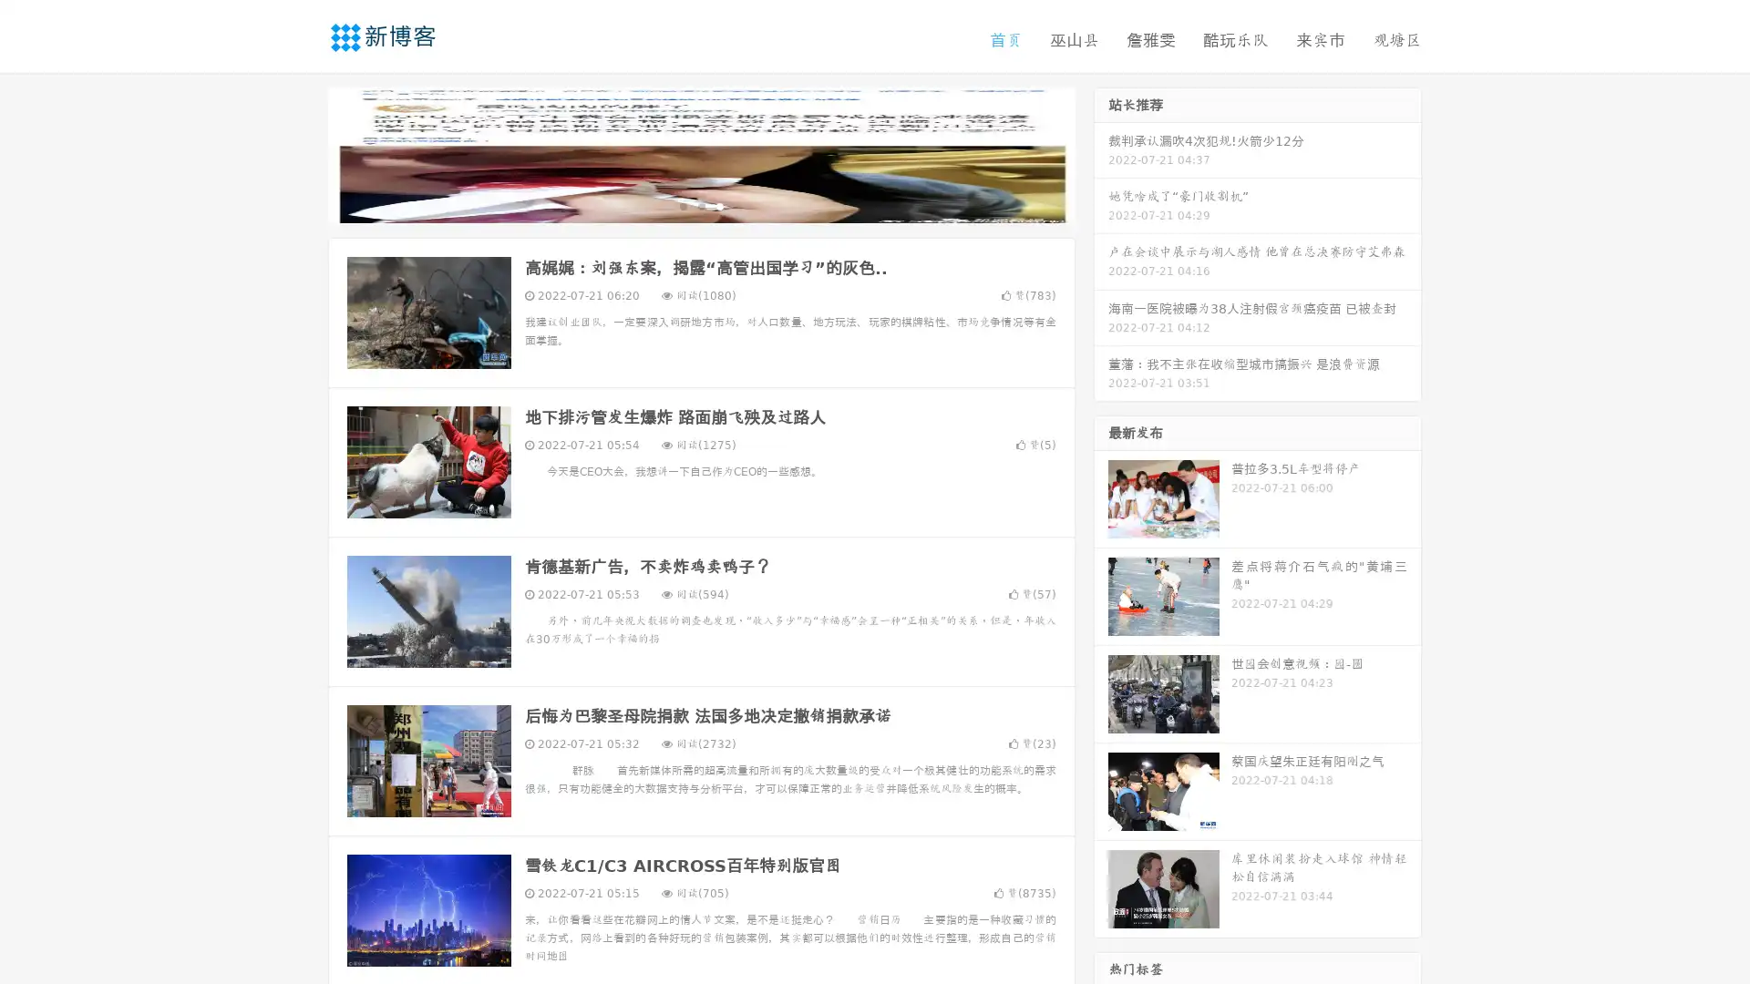  What do you see at coordinates (301, 153) in the screenshot?
I see `Previous slide` at bounding box center [301, 153].